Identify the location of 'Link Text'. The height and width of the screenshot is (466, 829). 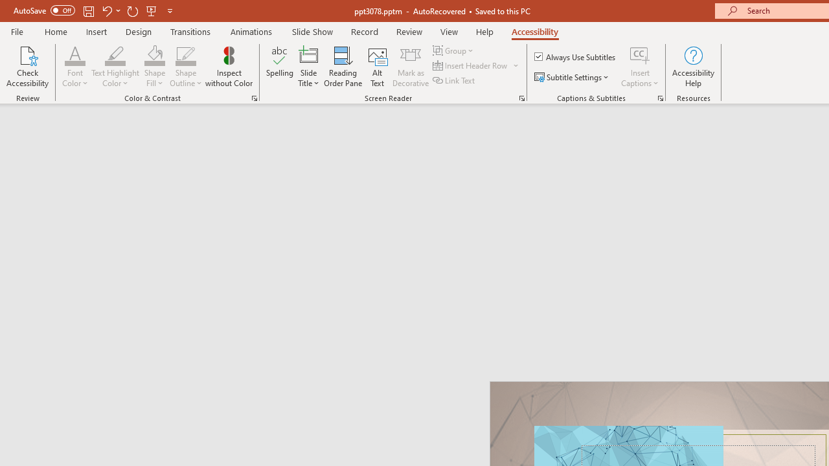
(455, 80).